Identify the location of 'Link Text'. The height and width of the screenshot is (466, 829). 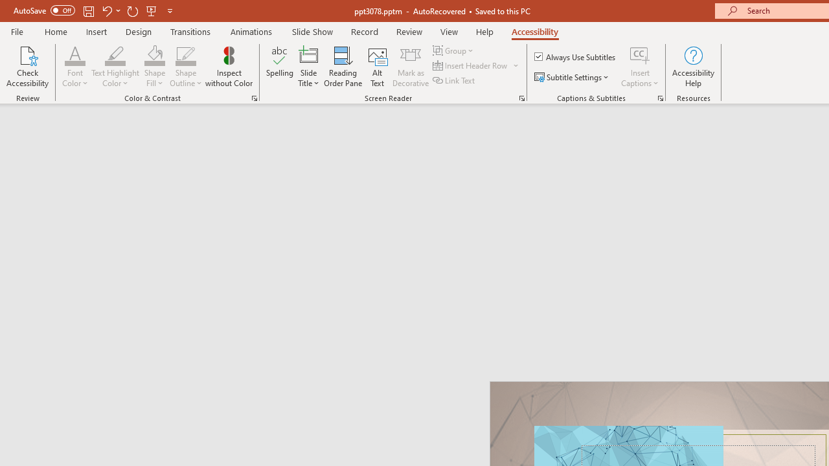
(455, 80).